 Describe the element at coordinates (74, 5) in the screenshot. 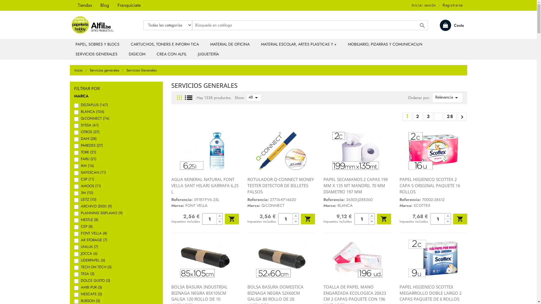

I see `'Tiendas'` at that location.